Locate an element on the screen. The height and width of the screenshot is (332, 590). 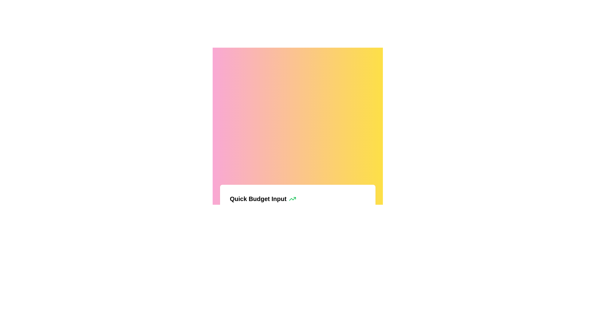
the decorative graphical icon, which is a green upward trending arrow with a zigzag pattern located at the bottom-right of a rectangular card is located at coordinates (292, 199).